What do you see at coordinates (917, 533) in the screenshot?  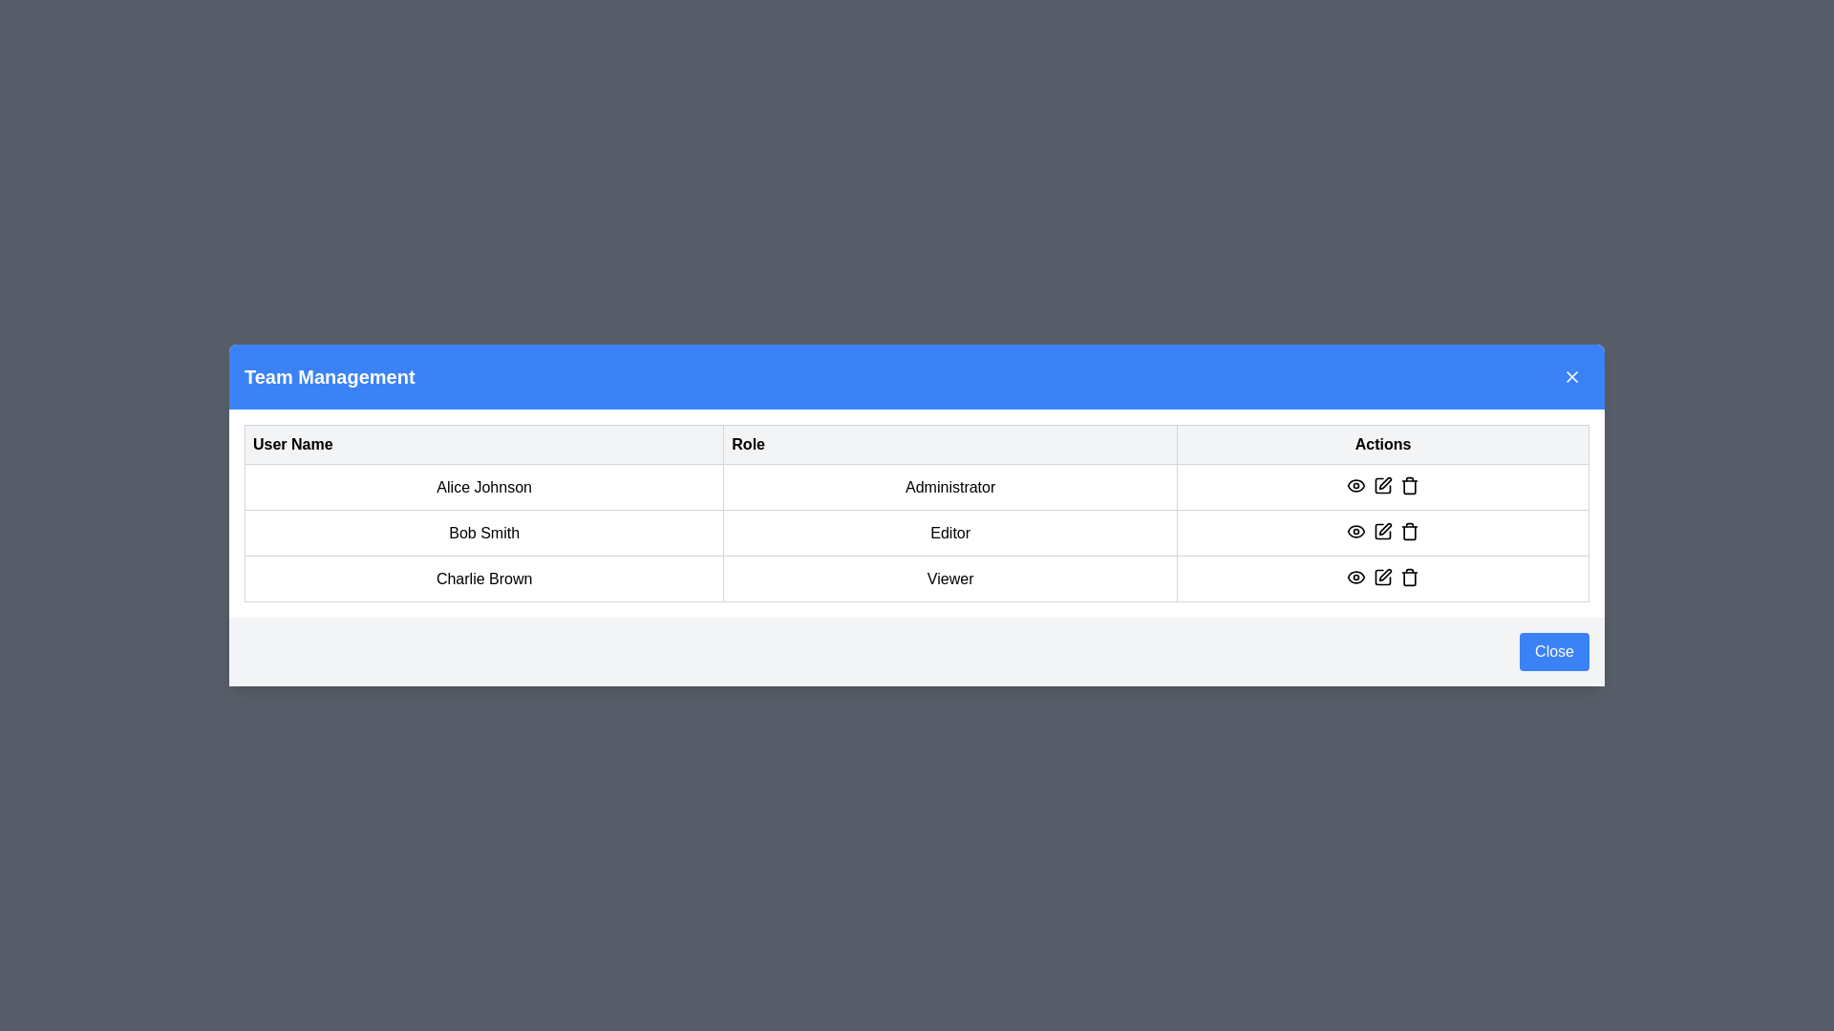 I see `the table row representing 'Bob Smith Editor', which is located between 'Alice Johnson Administrator' and 'Charlie Brown Viewer'` at bounding box center [917, 533].